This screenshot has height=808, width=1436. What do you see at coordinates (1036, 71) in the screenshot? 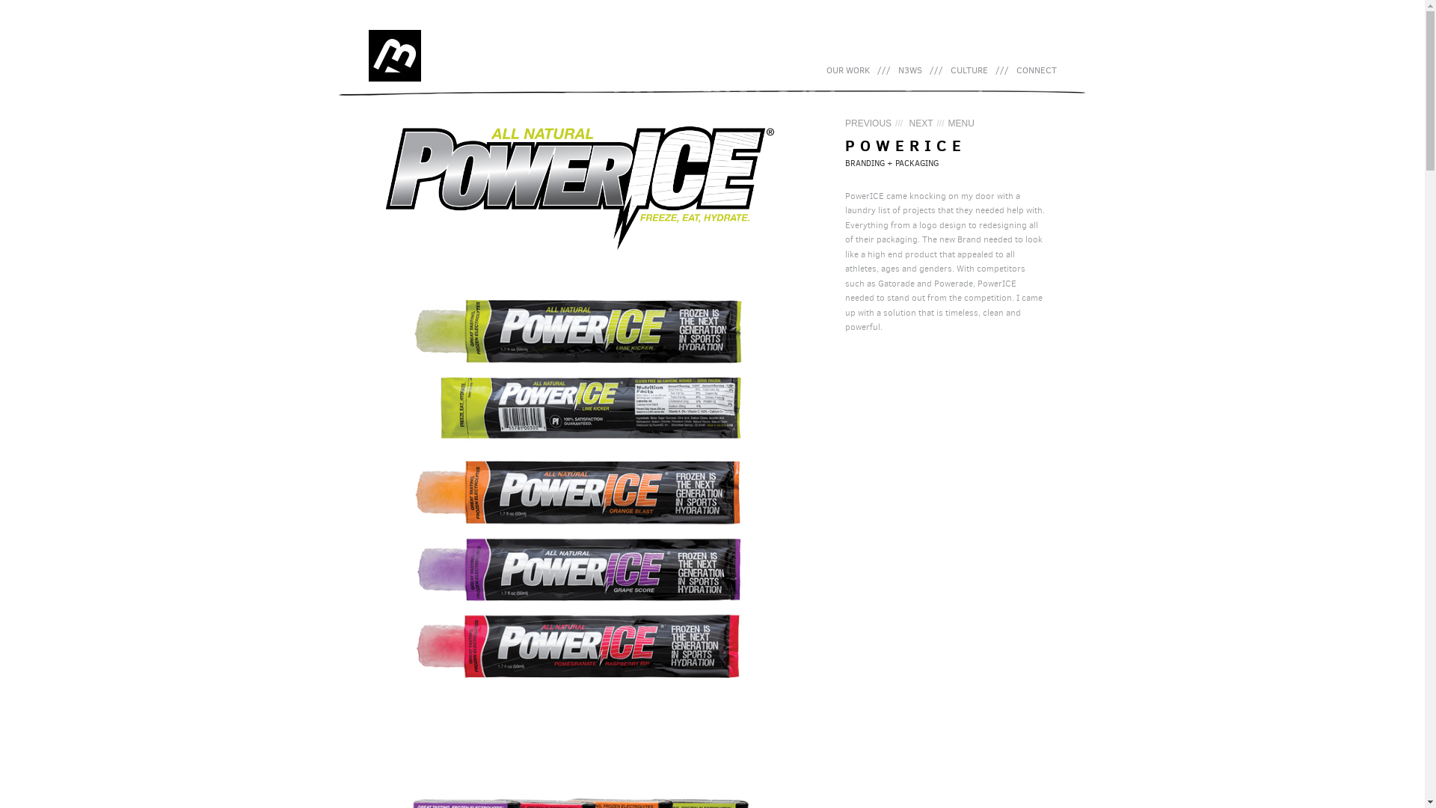
I see `'CONNECT'` at bounding box center [1036, 71].